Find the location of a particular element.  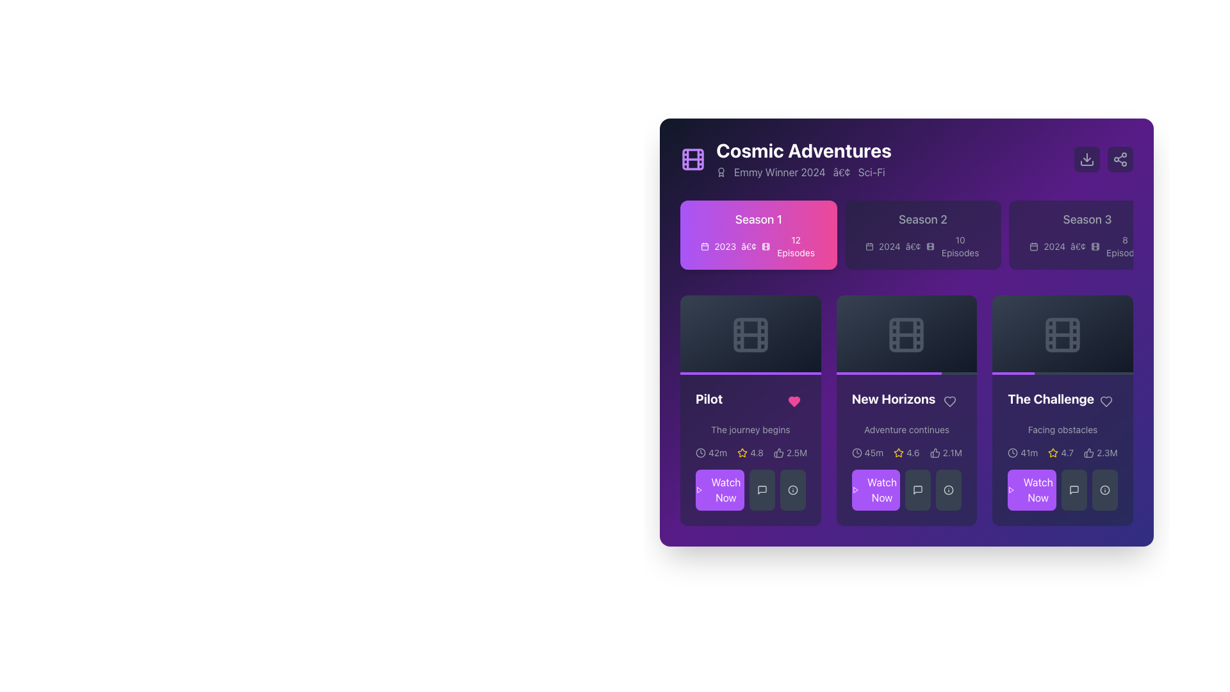

the informational text element displaying the year (2024) and number of episodes (8) for 'Season 3', located within the card for 'Season 3' in the top section of the interface is located at coordinates (1086, 247).